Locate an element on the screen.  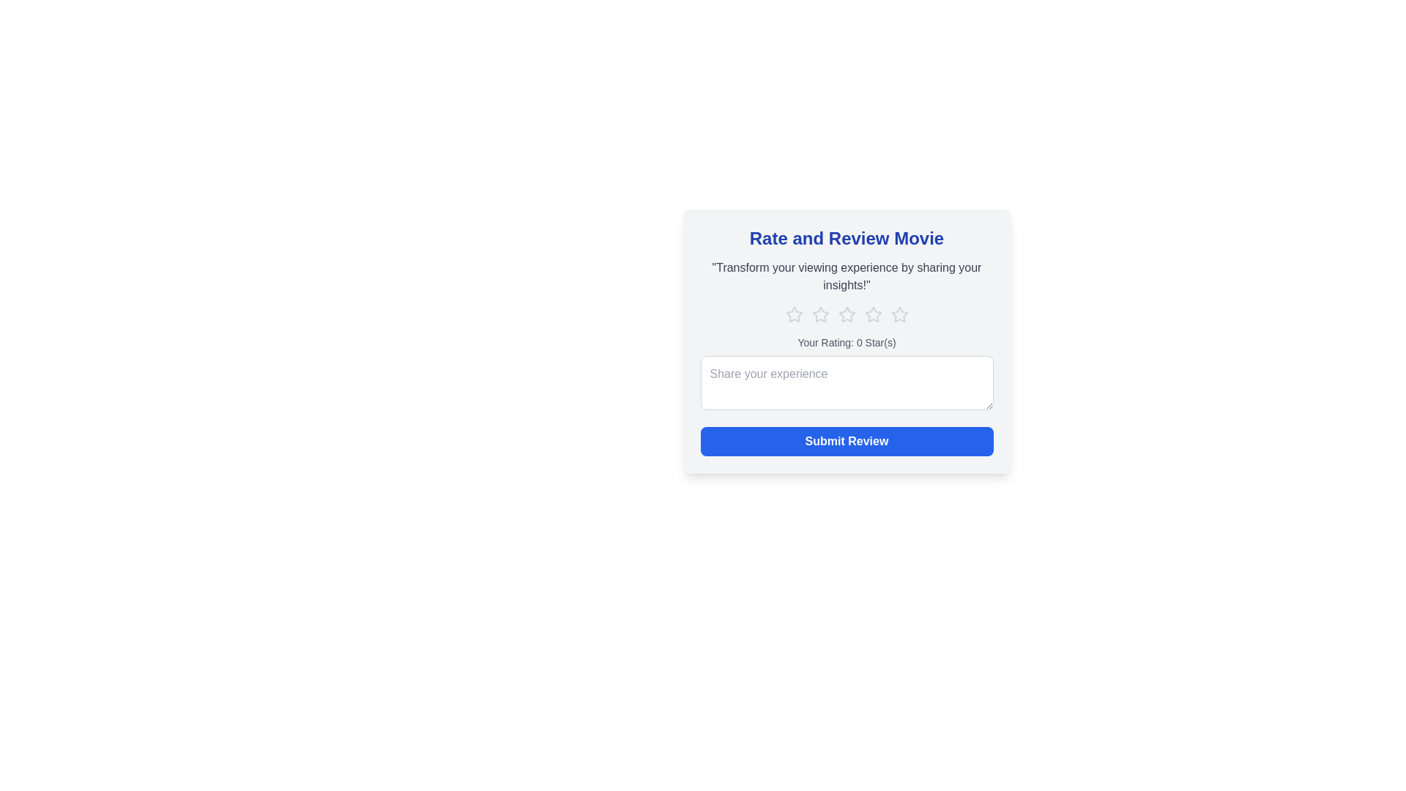
the star corresponding to 3 to set the movie rating is located at coordinates (847, 313).